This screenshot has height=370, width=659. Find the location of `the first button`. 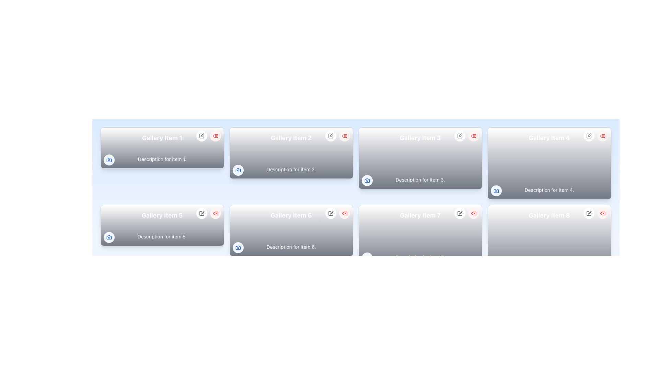

the first button is located at coordinates (201, 291).